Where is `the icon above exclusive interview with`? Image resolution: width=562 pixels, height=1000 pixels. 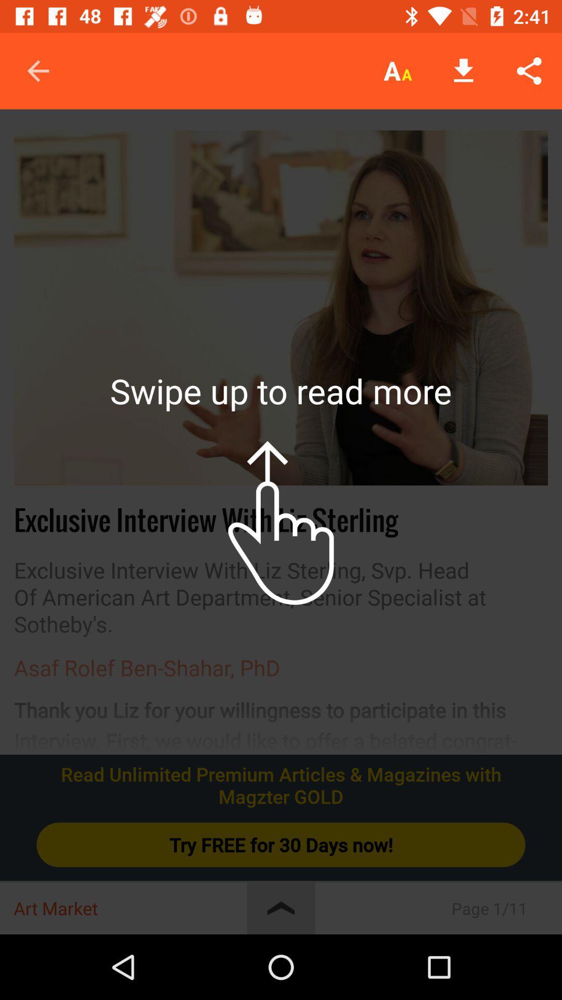 the icon above exclusive interview with is located at coordinates (281, 307).